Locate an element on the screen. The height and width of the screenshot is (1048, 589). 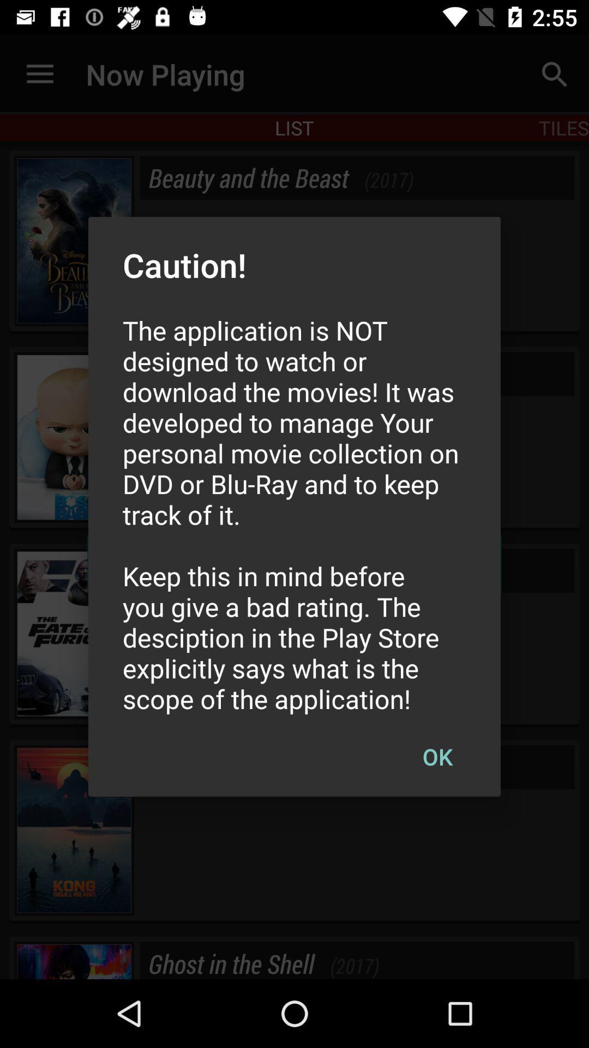
ok at the bottom right corner is located at coordinates (437, 756).